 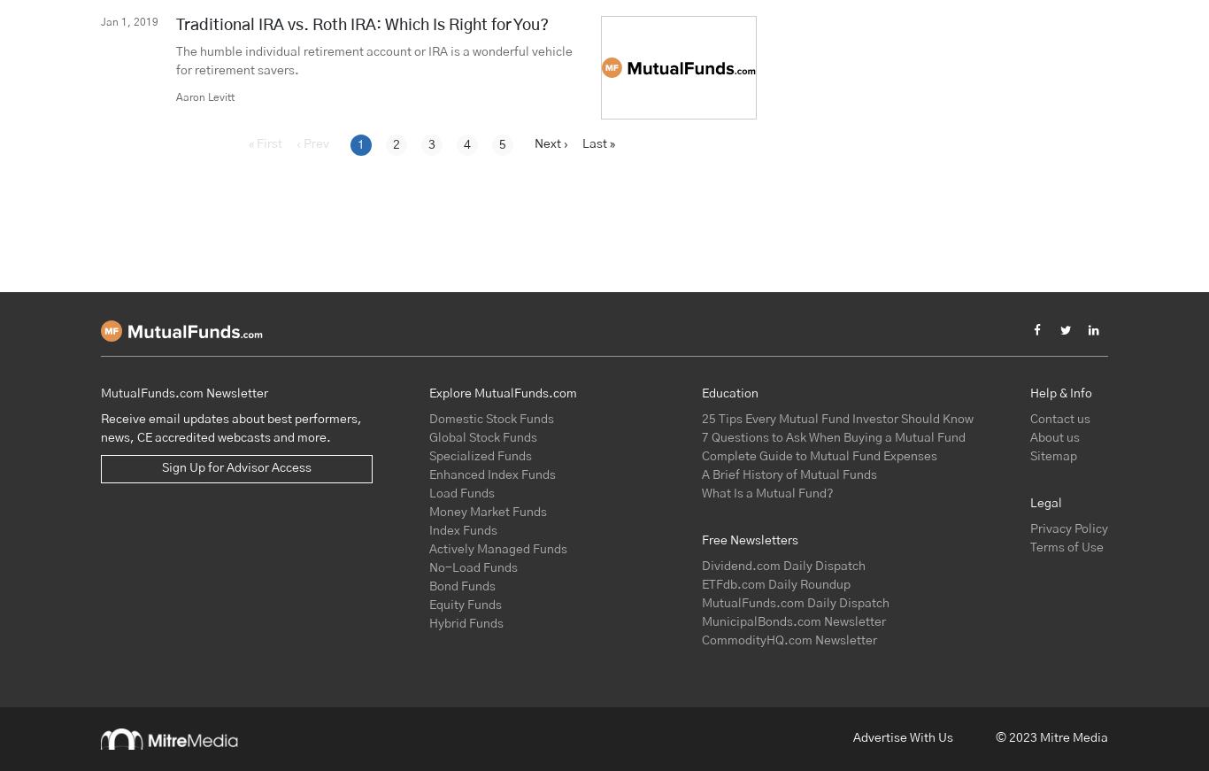 I want to click on 'Bond Funds', so click(x=462, y=584).